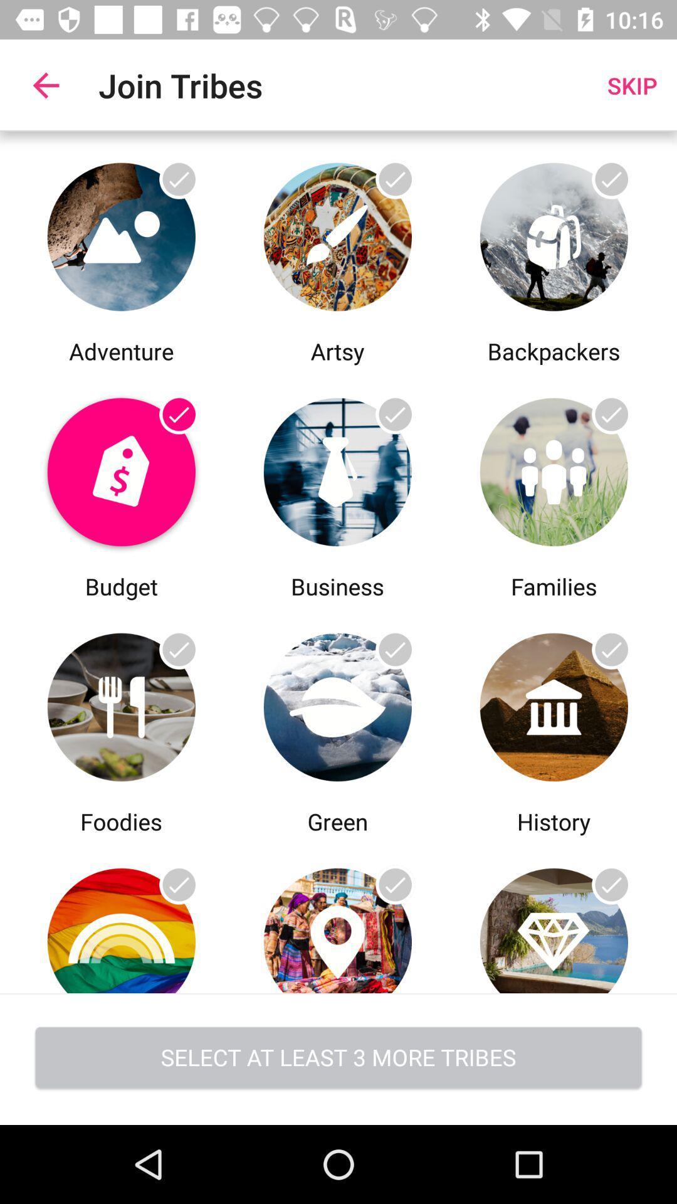 The height and width of the screenshot is (1204, 677). Describe the element at coordinates (337, 468) in the screenshot. I see `share the article` at that location.